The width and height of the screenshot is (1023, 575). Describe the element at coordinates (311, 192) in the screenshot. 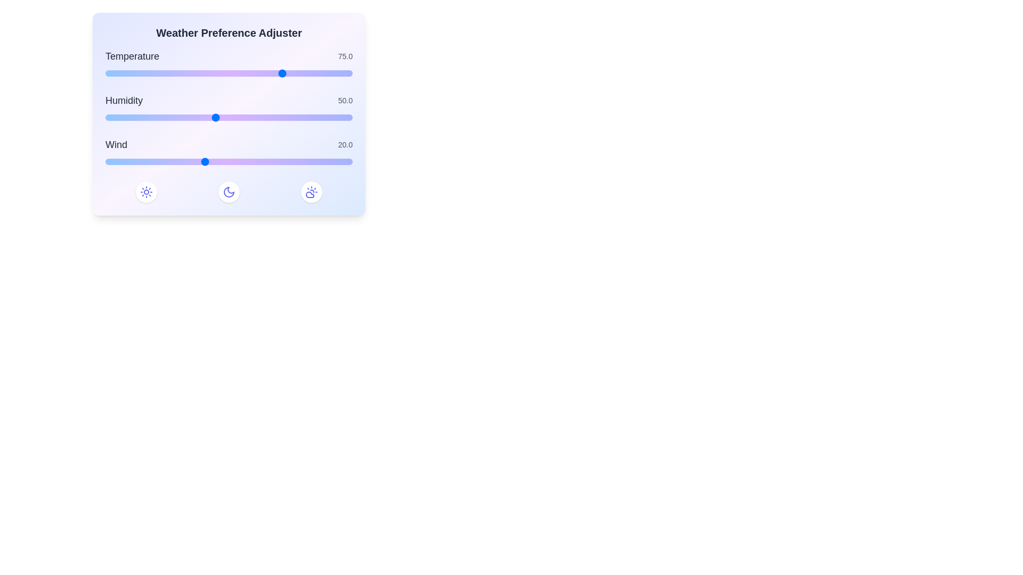

I see `the weather preference button for partial sunlight or cloudy conditions using keyboard navigation` at that location.